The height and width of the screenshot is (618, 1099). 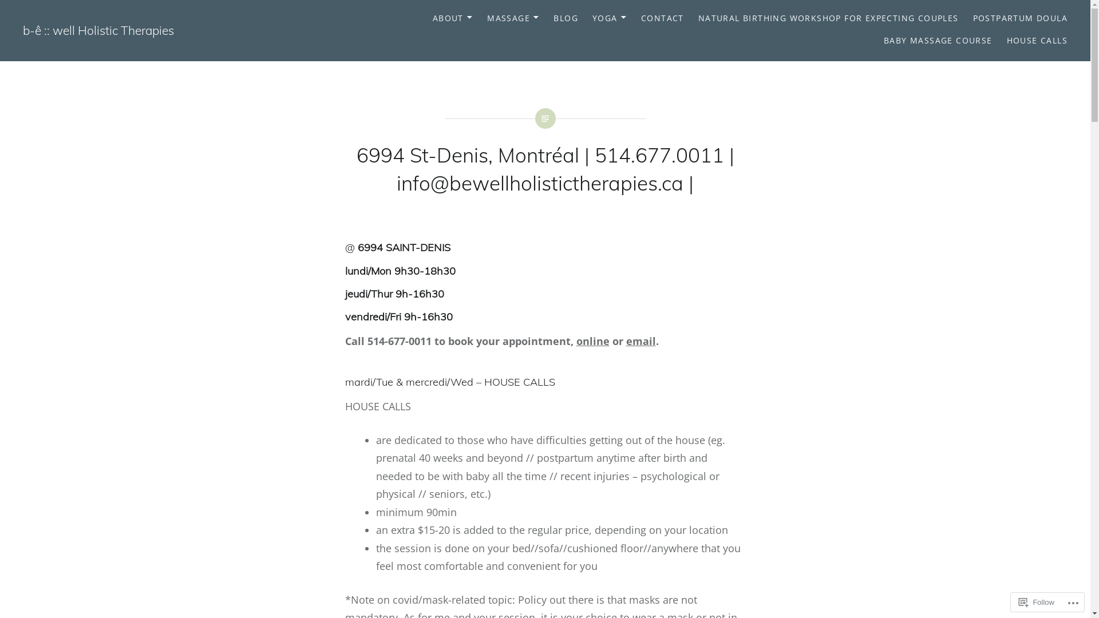 What do you see at coordinates (1037, 40) in the screenshot?
I see `'HOUSE CALLS'` at bounding box center [1037, 40].